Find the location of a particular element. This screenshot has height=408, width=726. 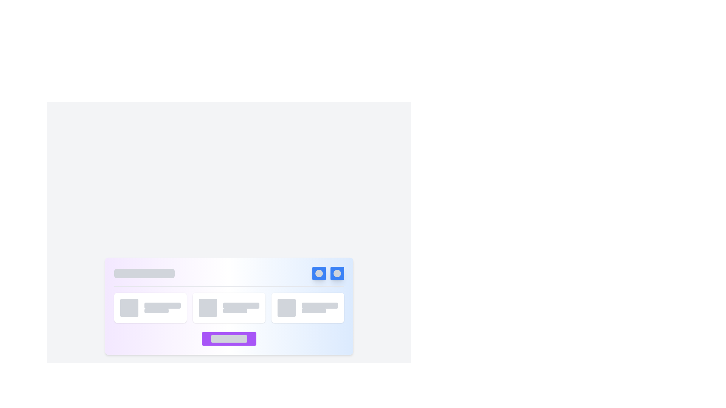

the circular animated indicator with a gray background that is pulsating, located in the top-right corner of the interface section is located at coordinates (319, 273).